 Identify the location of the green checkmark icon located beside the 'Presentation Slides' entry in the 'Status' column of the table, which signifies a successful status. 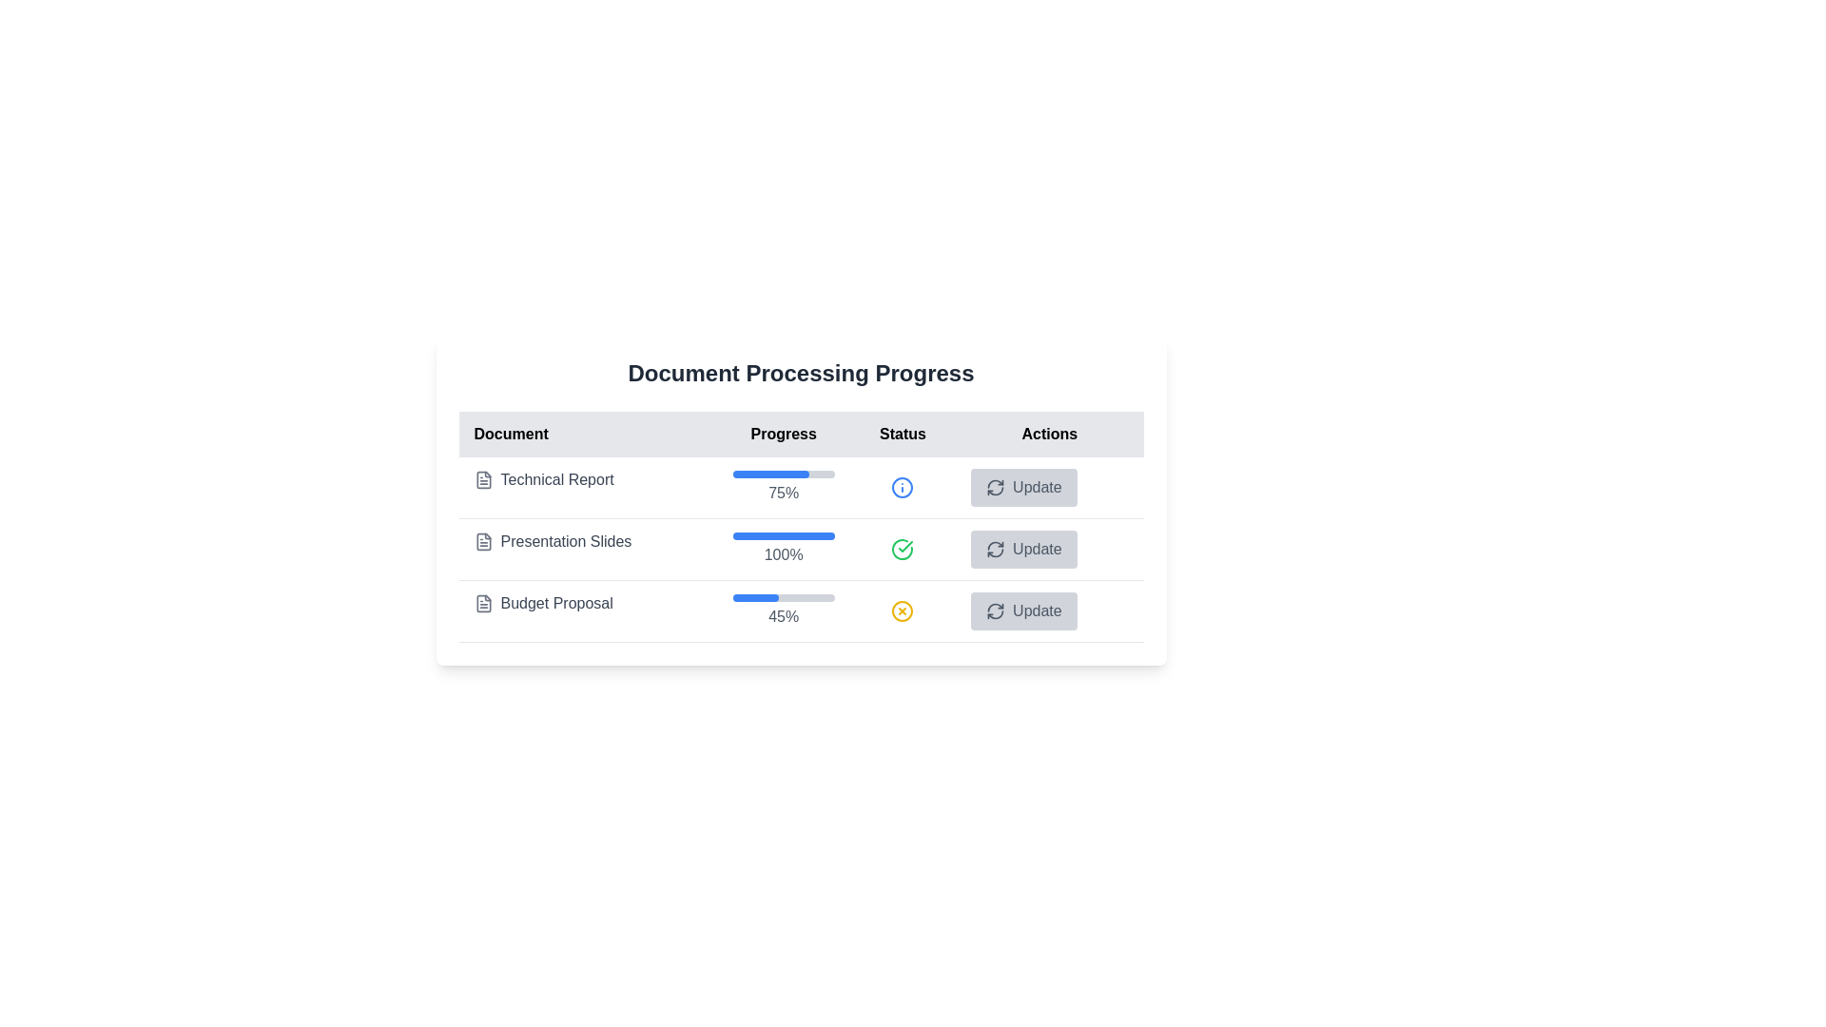
(904, 546).